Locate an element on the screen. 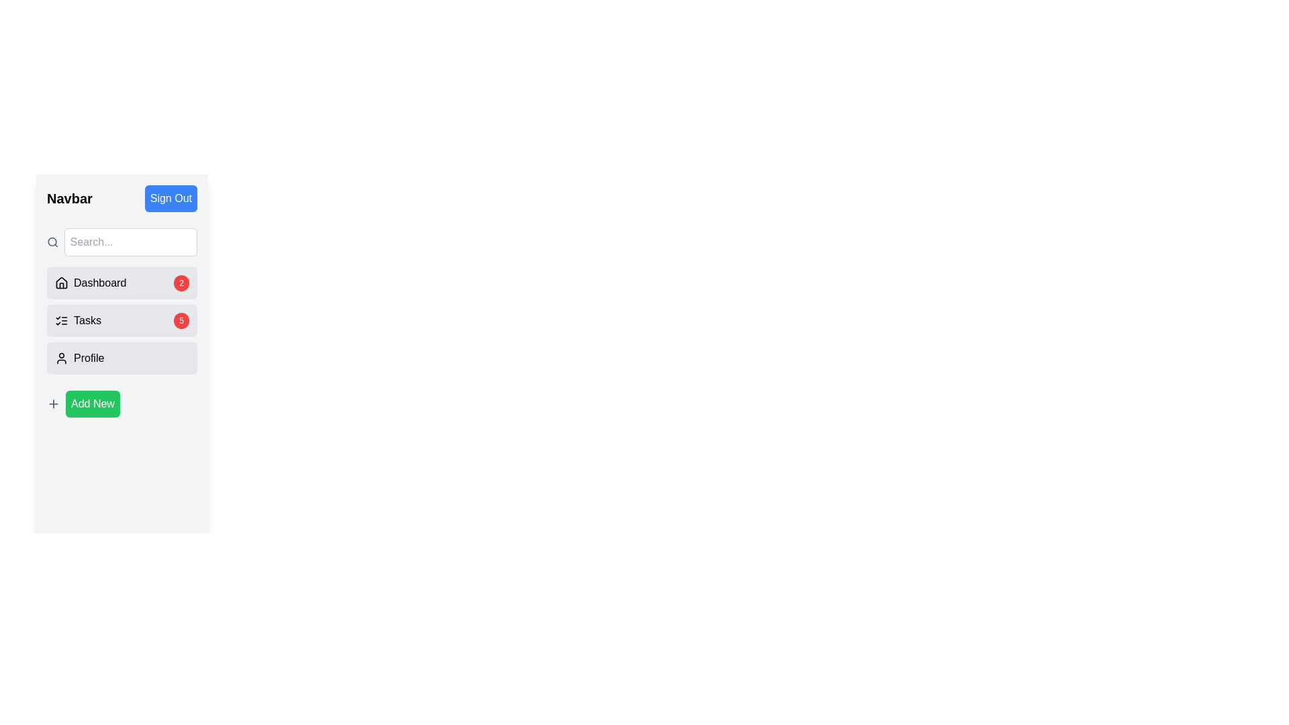 This screenshot has height=725, width=1289. the 'Add New' button located at the bottom of the vertical menu bar on the left side of the interface, directly to the right of the '+' icon is located at coordinates (92, 403).